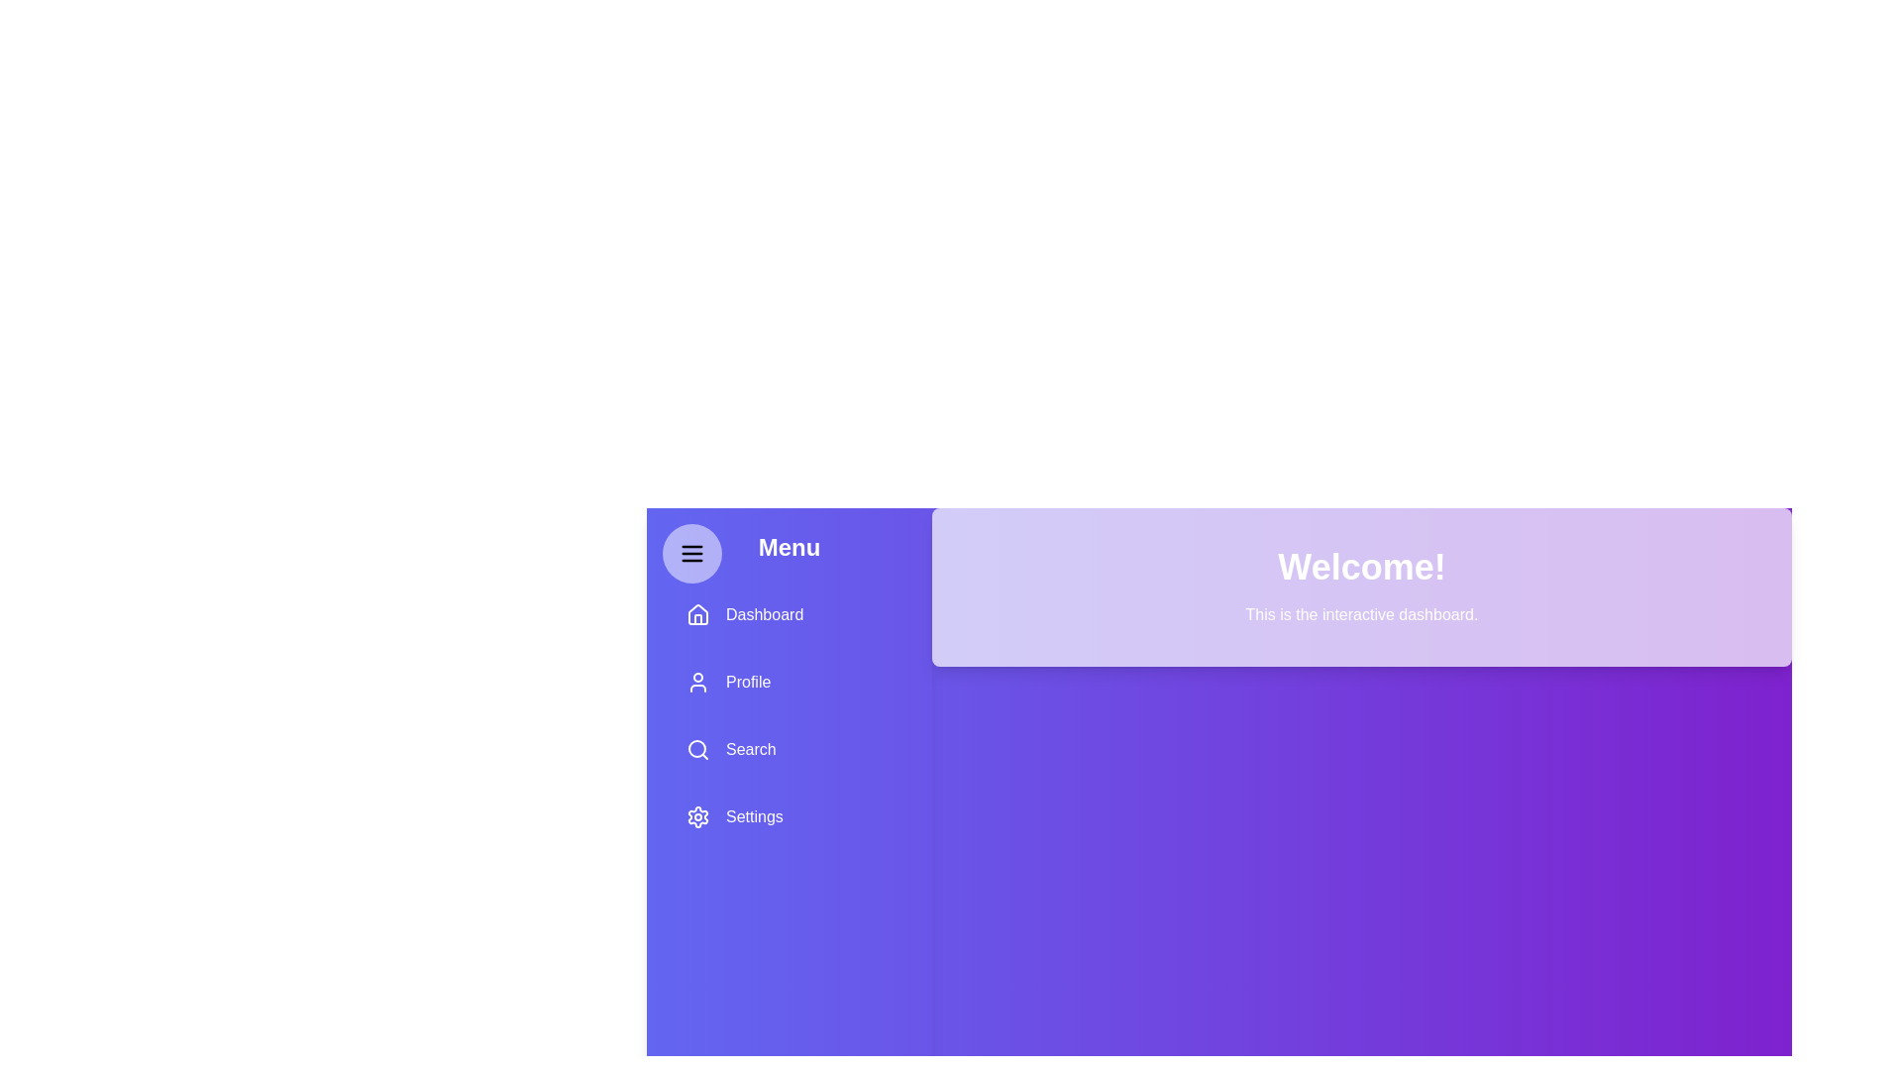 This screenshot has height=1070, width=1902. What do you see at coordinates (692, 554) in the screenshot?
I see `the hamburger button to toggle the menu visibility` at bounding box center [692, 554].